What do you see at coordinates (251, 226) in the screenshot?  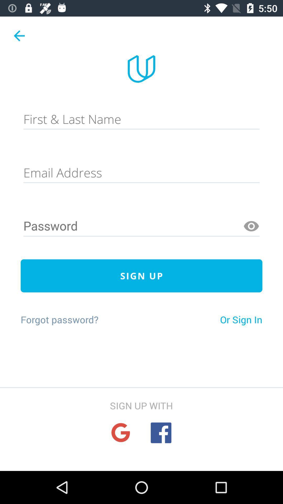 I see `the icon above sign up icon` at bounding box center [251, 226].